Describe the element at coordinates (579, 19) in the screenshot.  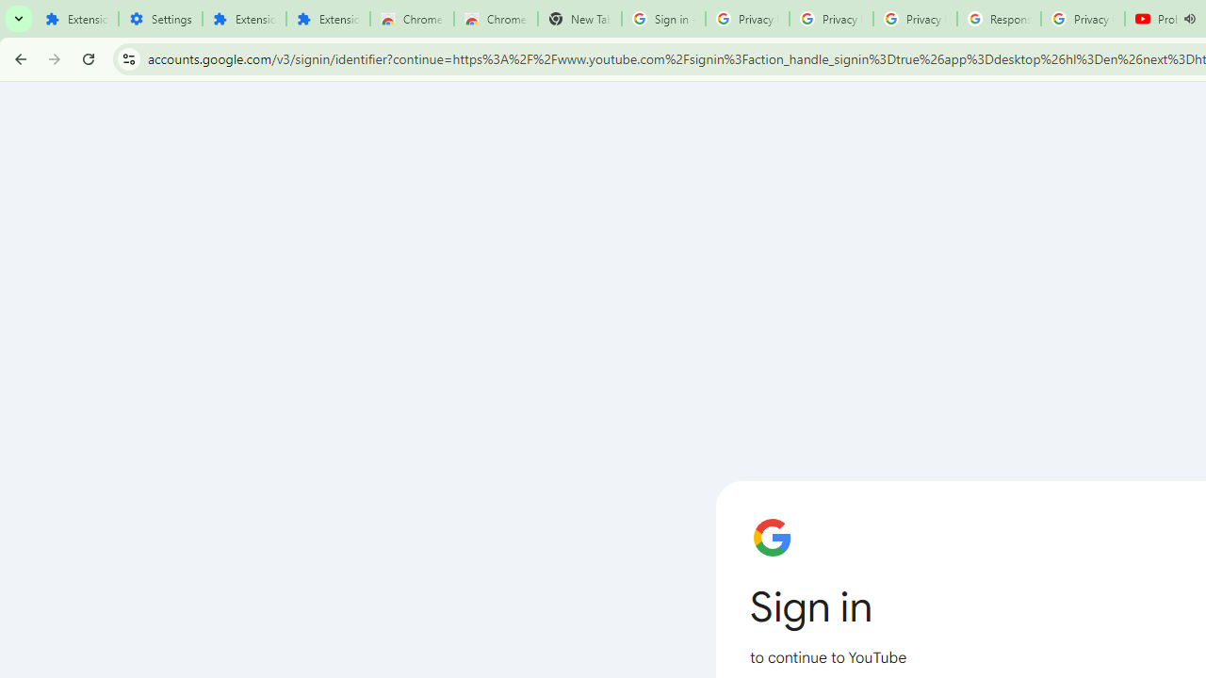
I see `'New Tab'` at that location.